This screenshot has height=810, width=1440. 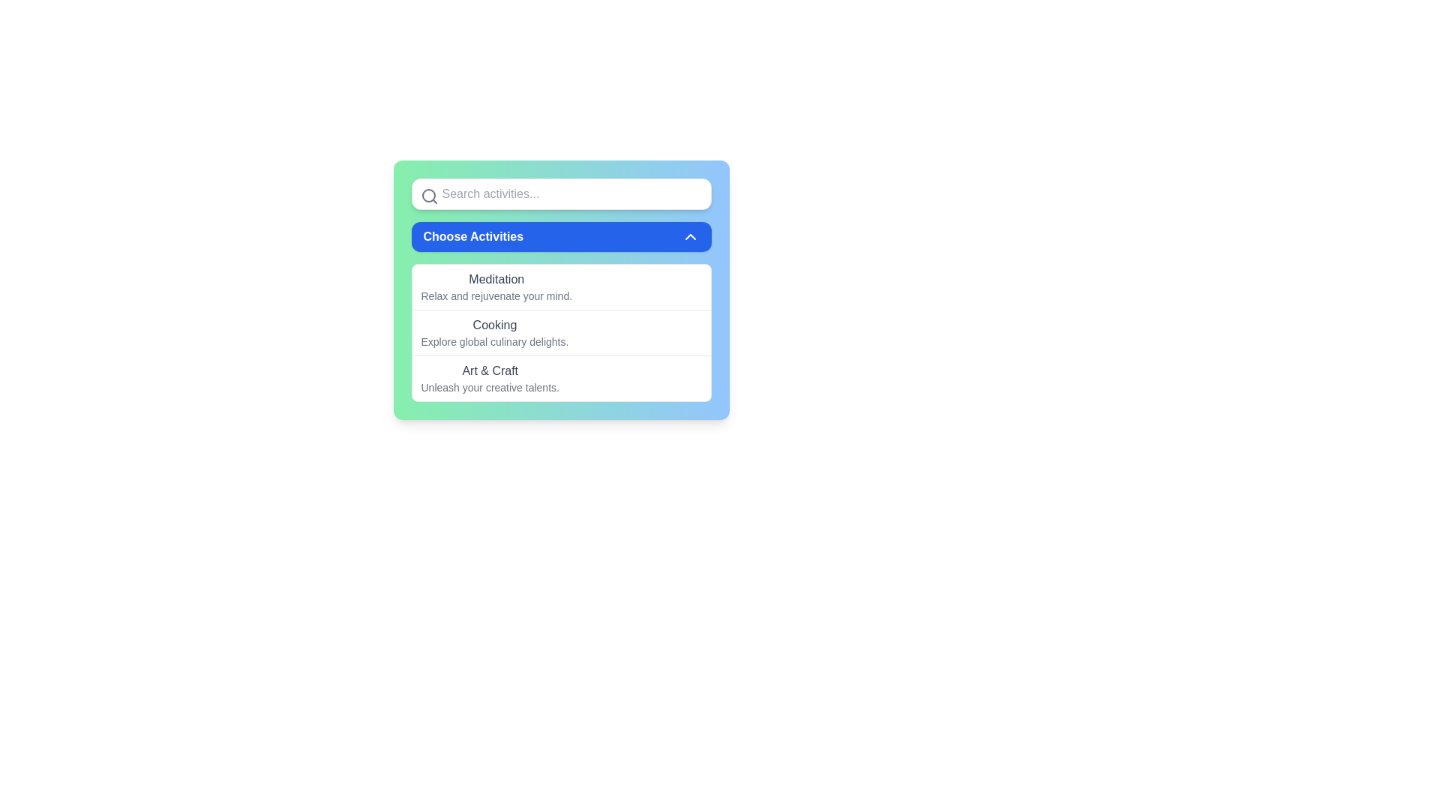 I want to click on the text label that reads 'Unleash your creative talents.' positioned below 'Art & Craft' in the 'Choose Activities' list, so click(x=490, y=386).